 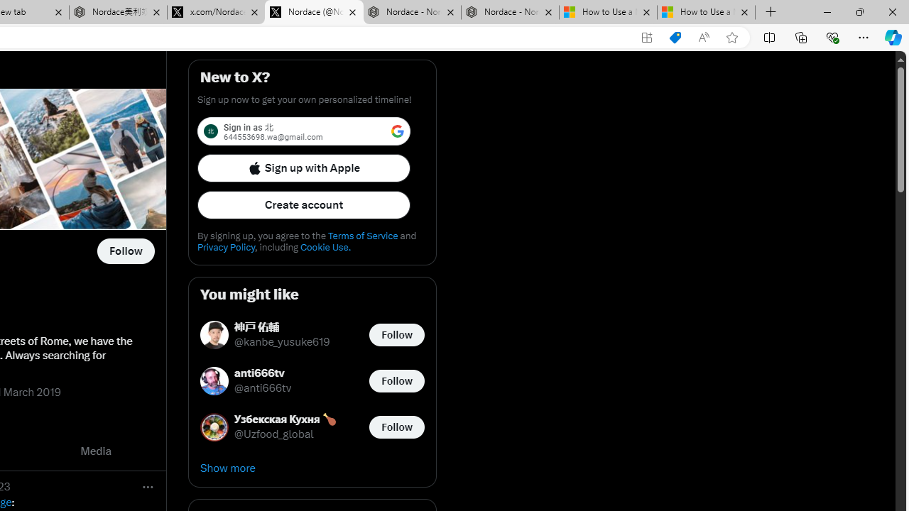 I want to click on 'Sign up with Apple', so click(x=303, y=167).